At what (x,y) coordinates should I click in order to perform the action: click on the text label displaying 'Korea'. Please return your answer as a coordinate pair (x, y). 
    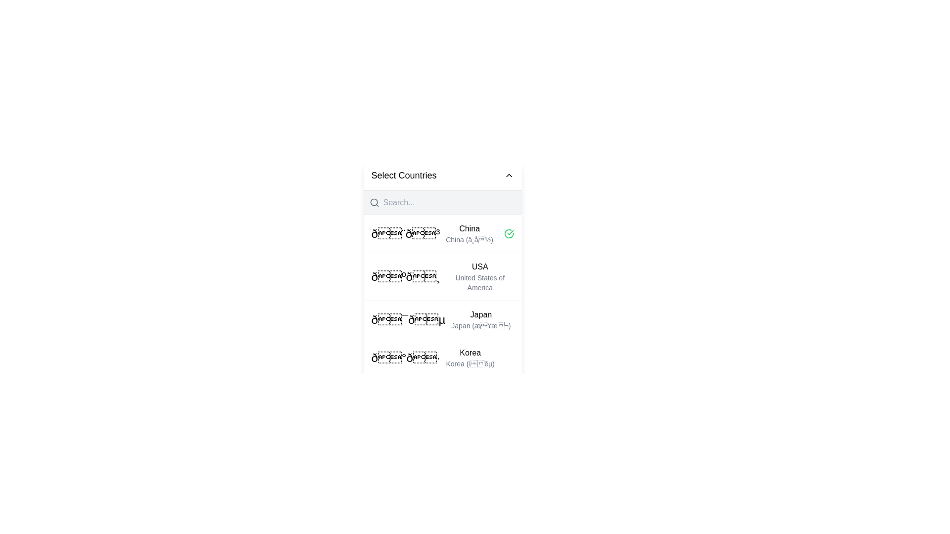
    Looking at the image, I should click on (470, 352).